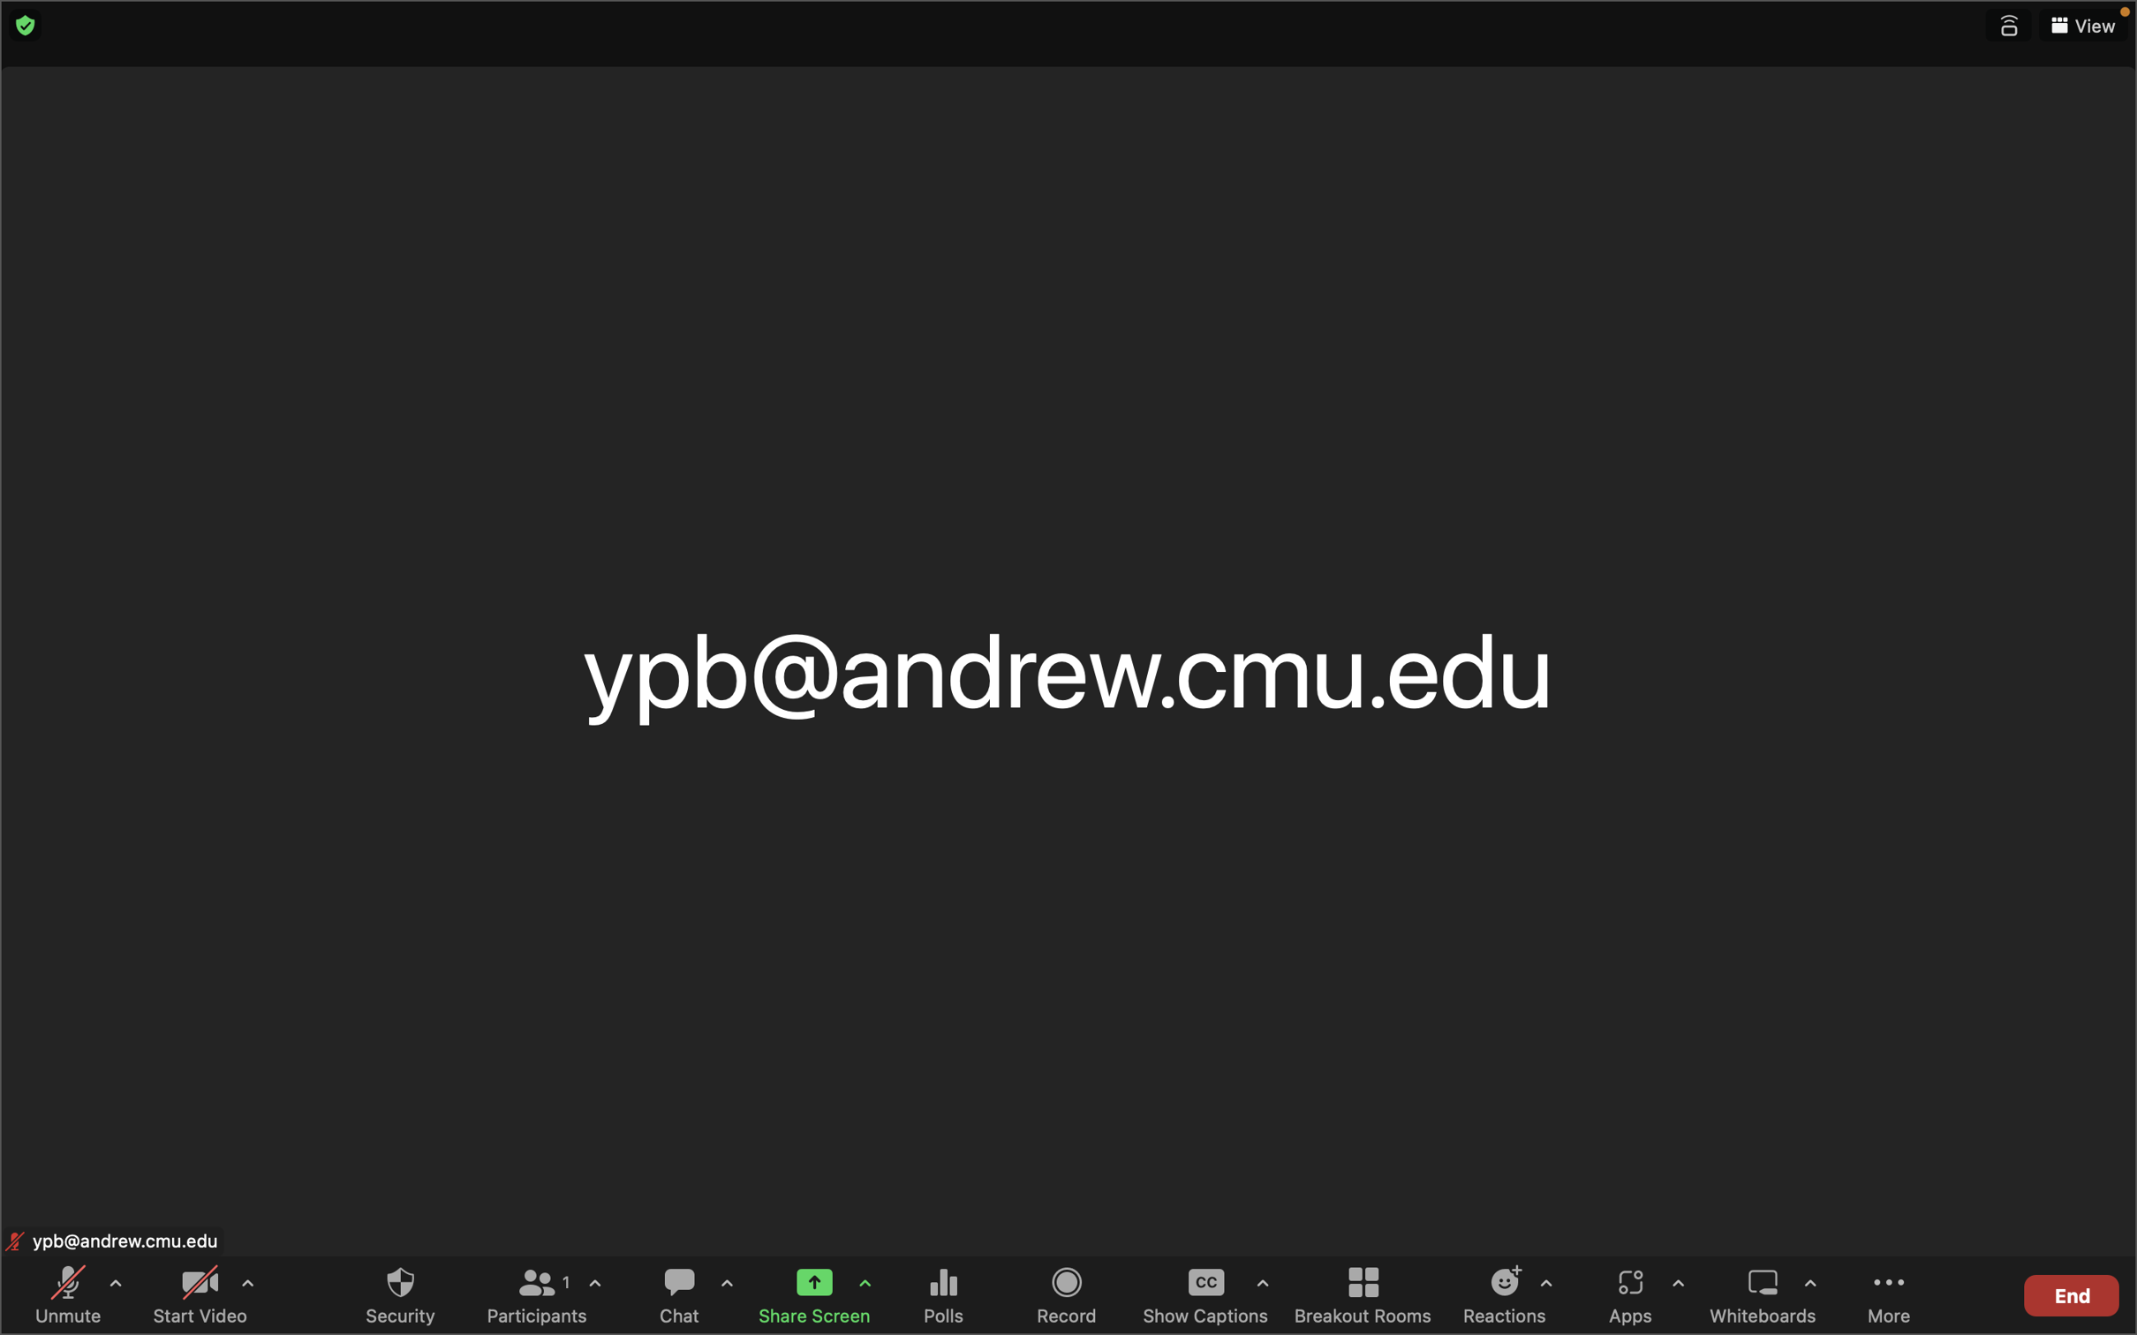  What do you see at coordinates (2070, 1292) in the screenshot?
I see `Begin the procedure to end the current meeting` at bounding box center [2070, 1292].